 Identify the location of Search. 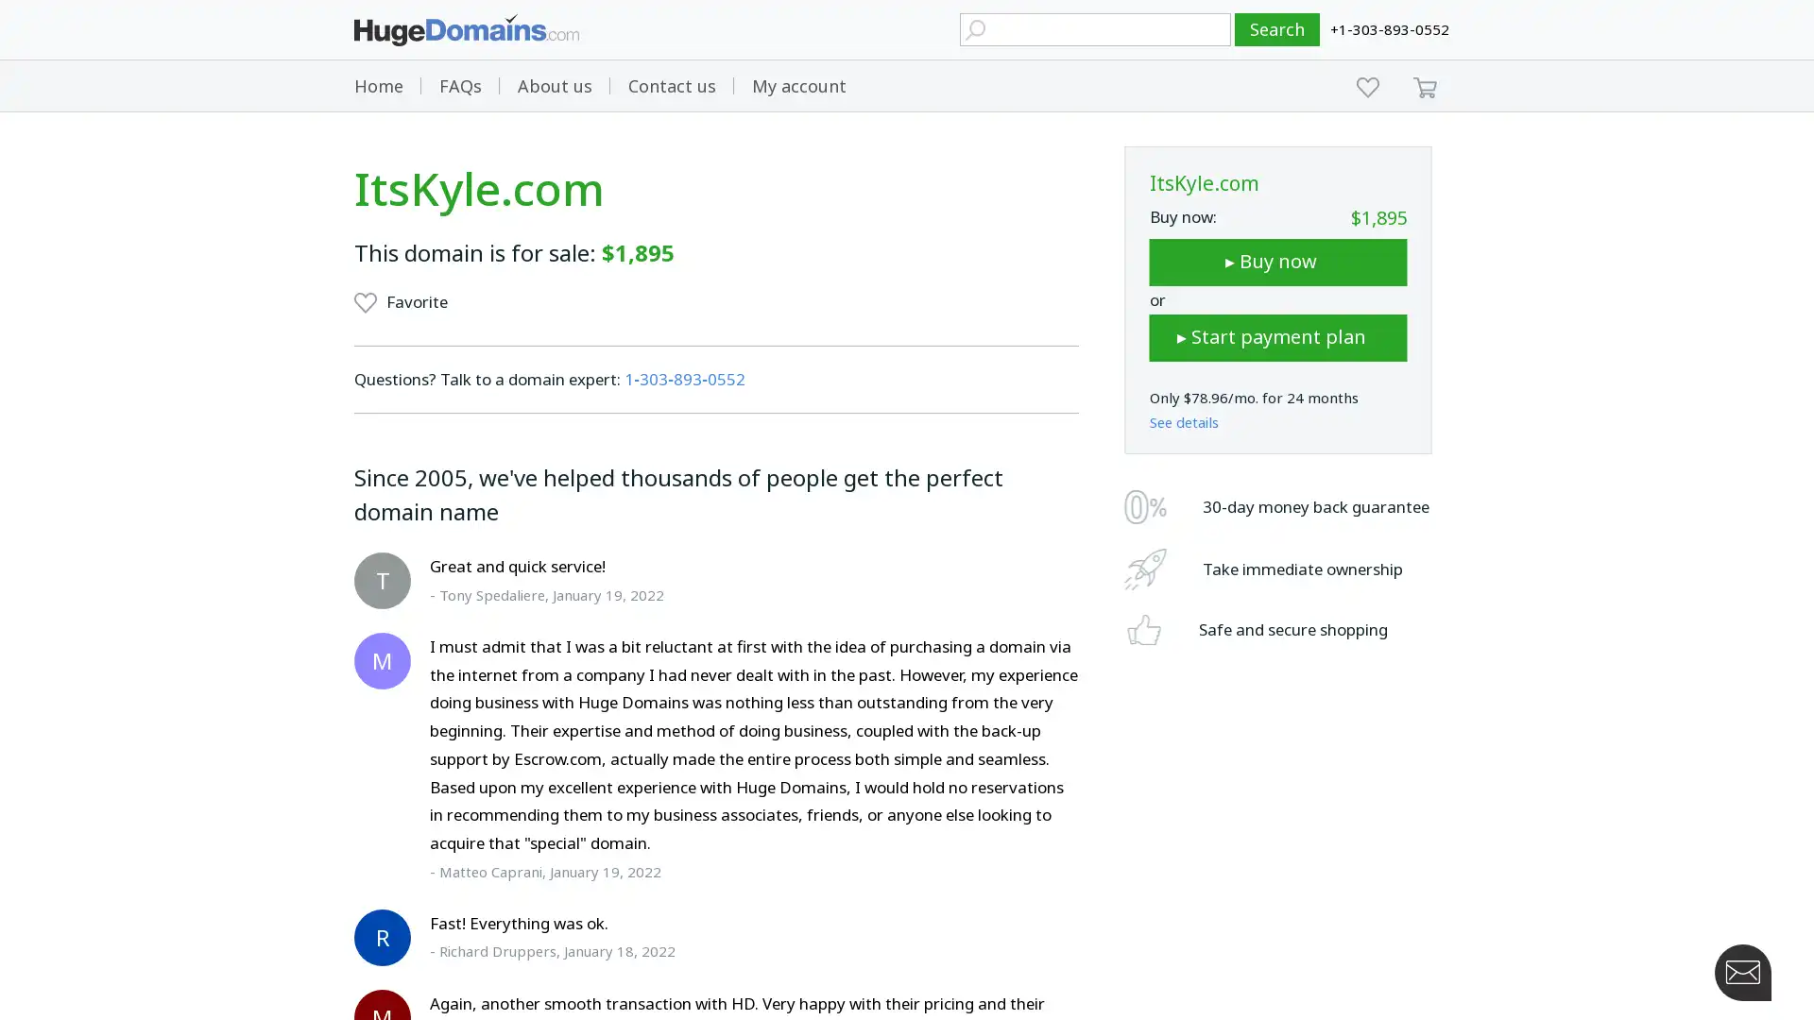
(1277, 29).